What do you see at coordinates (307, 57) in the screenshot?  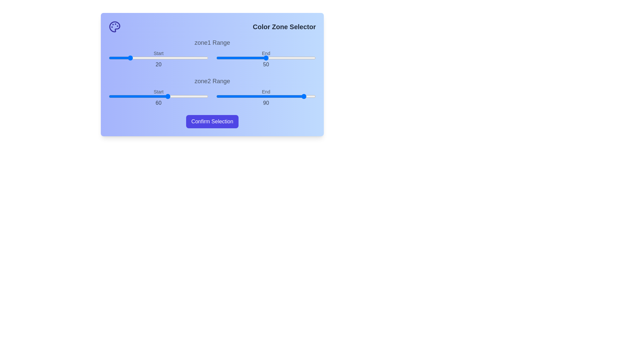 I see `the end range slider for zone1 to 91` at bounding box center [307, 57].